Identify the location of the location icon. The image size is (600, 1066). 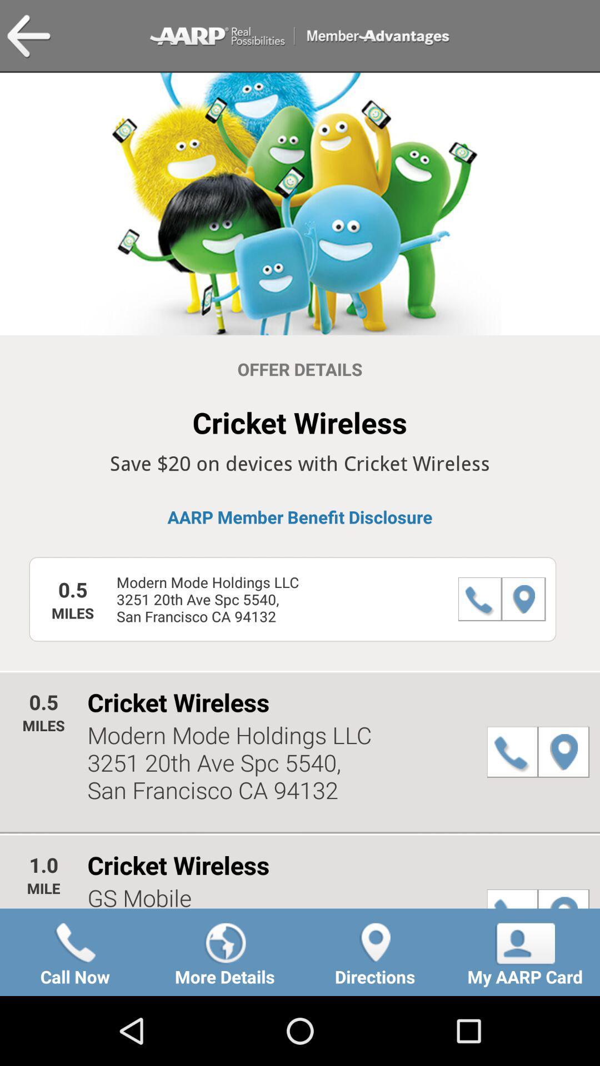
(564, 804).